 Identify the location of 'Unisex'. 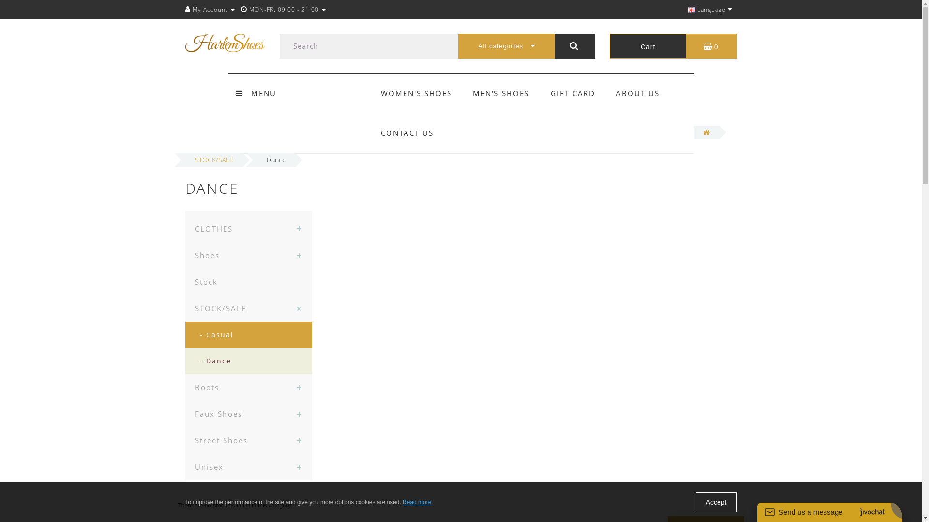
(248, 466).